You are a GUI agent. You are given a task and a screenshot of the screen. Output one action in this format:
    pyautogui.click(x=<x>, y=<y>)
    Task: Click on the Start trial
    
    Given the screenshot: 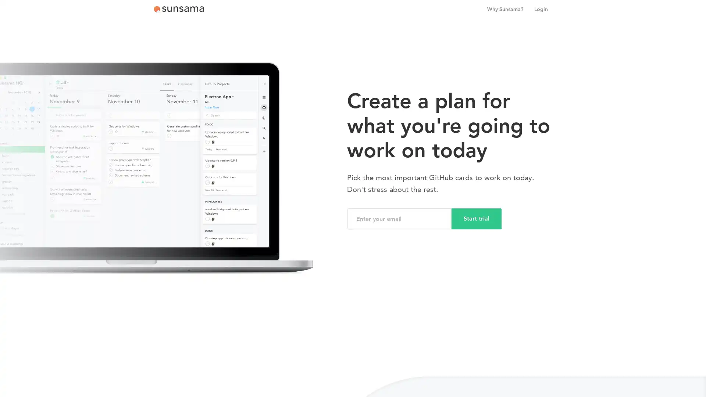 What is the action you would take?
    pyautogui.click(x=477, y=218)
    